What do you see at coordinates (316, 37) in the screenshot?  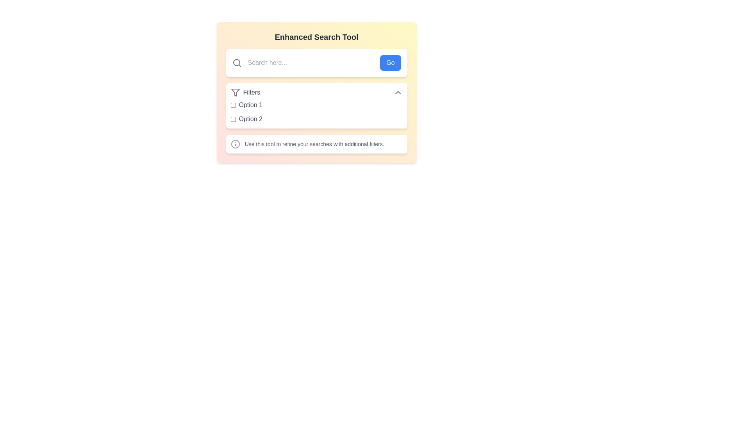 I see `the bold, centered heading text that reads 'Enhanced Search Tool' with dark gray text on a gradient background, located above the search input area` at bounding box center [316, 37].